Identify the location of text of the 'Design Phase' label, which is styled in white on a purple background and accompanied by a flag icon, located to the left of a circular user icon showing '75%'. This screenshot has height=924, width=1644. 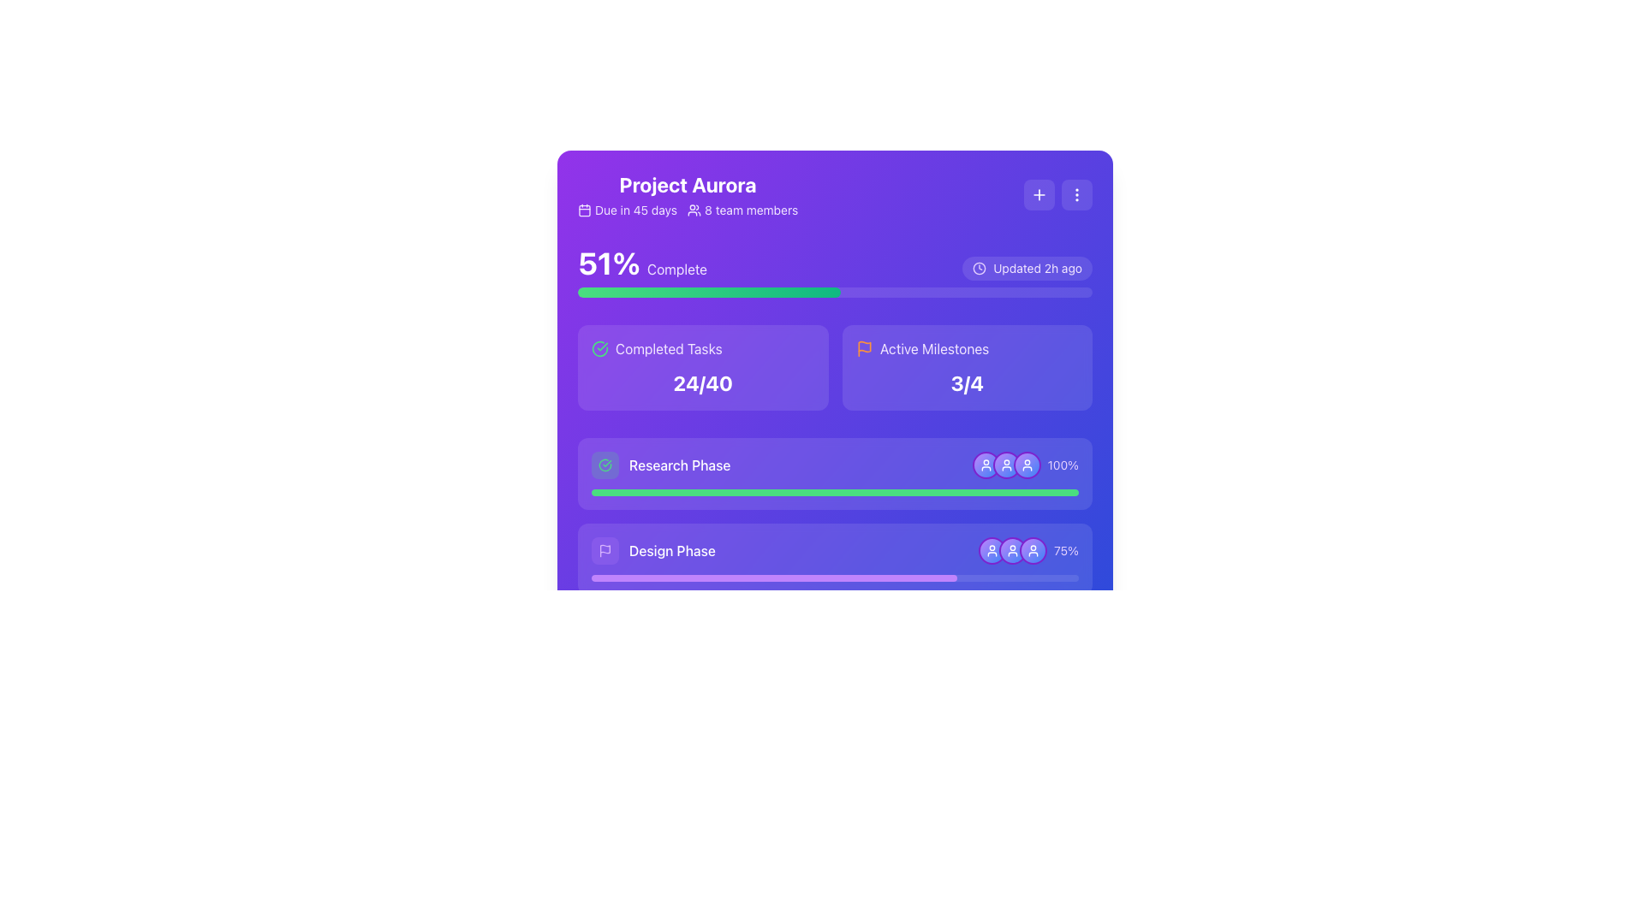
(652, 551).